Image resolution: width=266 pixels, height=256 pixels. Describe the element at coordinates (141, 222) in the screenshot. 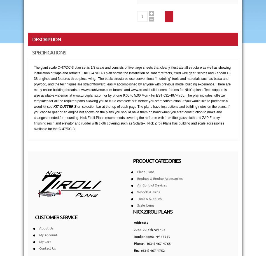

I see `'Address :'` at that location.